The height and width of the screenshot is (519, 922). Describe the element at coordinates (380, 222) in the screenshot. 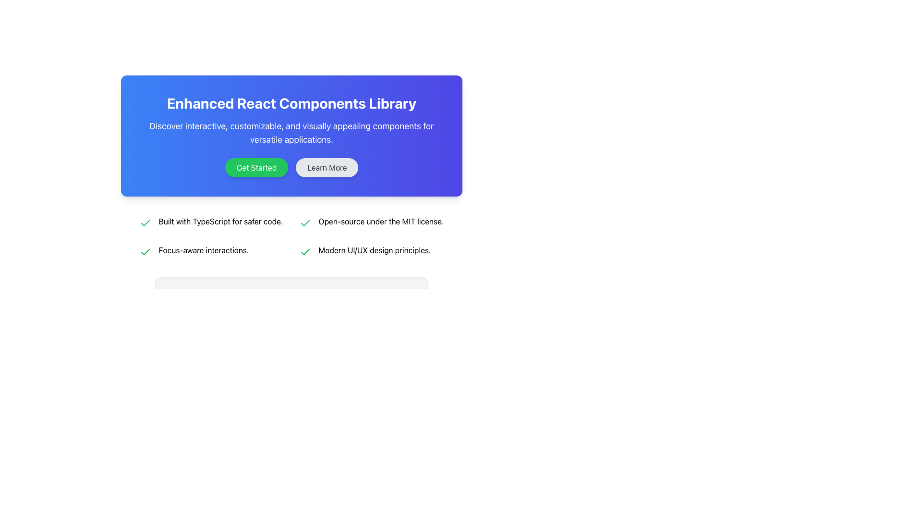

I see `text label that states 'Open-source under the MIT license.' which is adjacent to a green checkmark icon and is the second item in the top row of similar pairs` at that location.